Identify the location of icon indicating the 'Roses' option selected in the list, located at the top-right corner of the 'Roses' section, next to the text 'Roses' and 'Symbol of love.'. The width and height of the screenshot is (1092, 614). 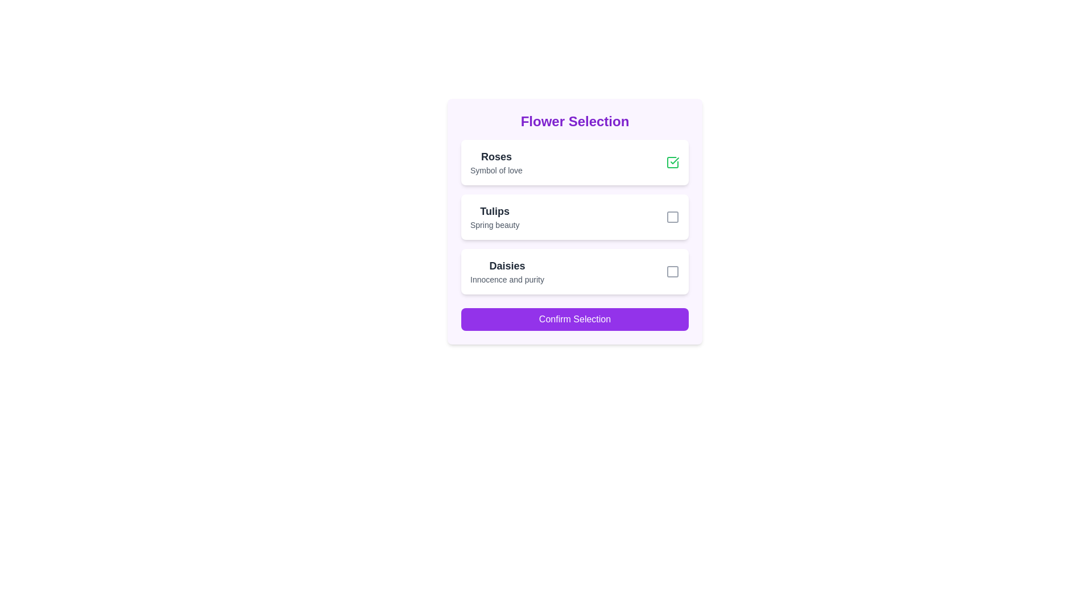
(672, 162).